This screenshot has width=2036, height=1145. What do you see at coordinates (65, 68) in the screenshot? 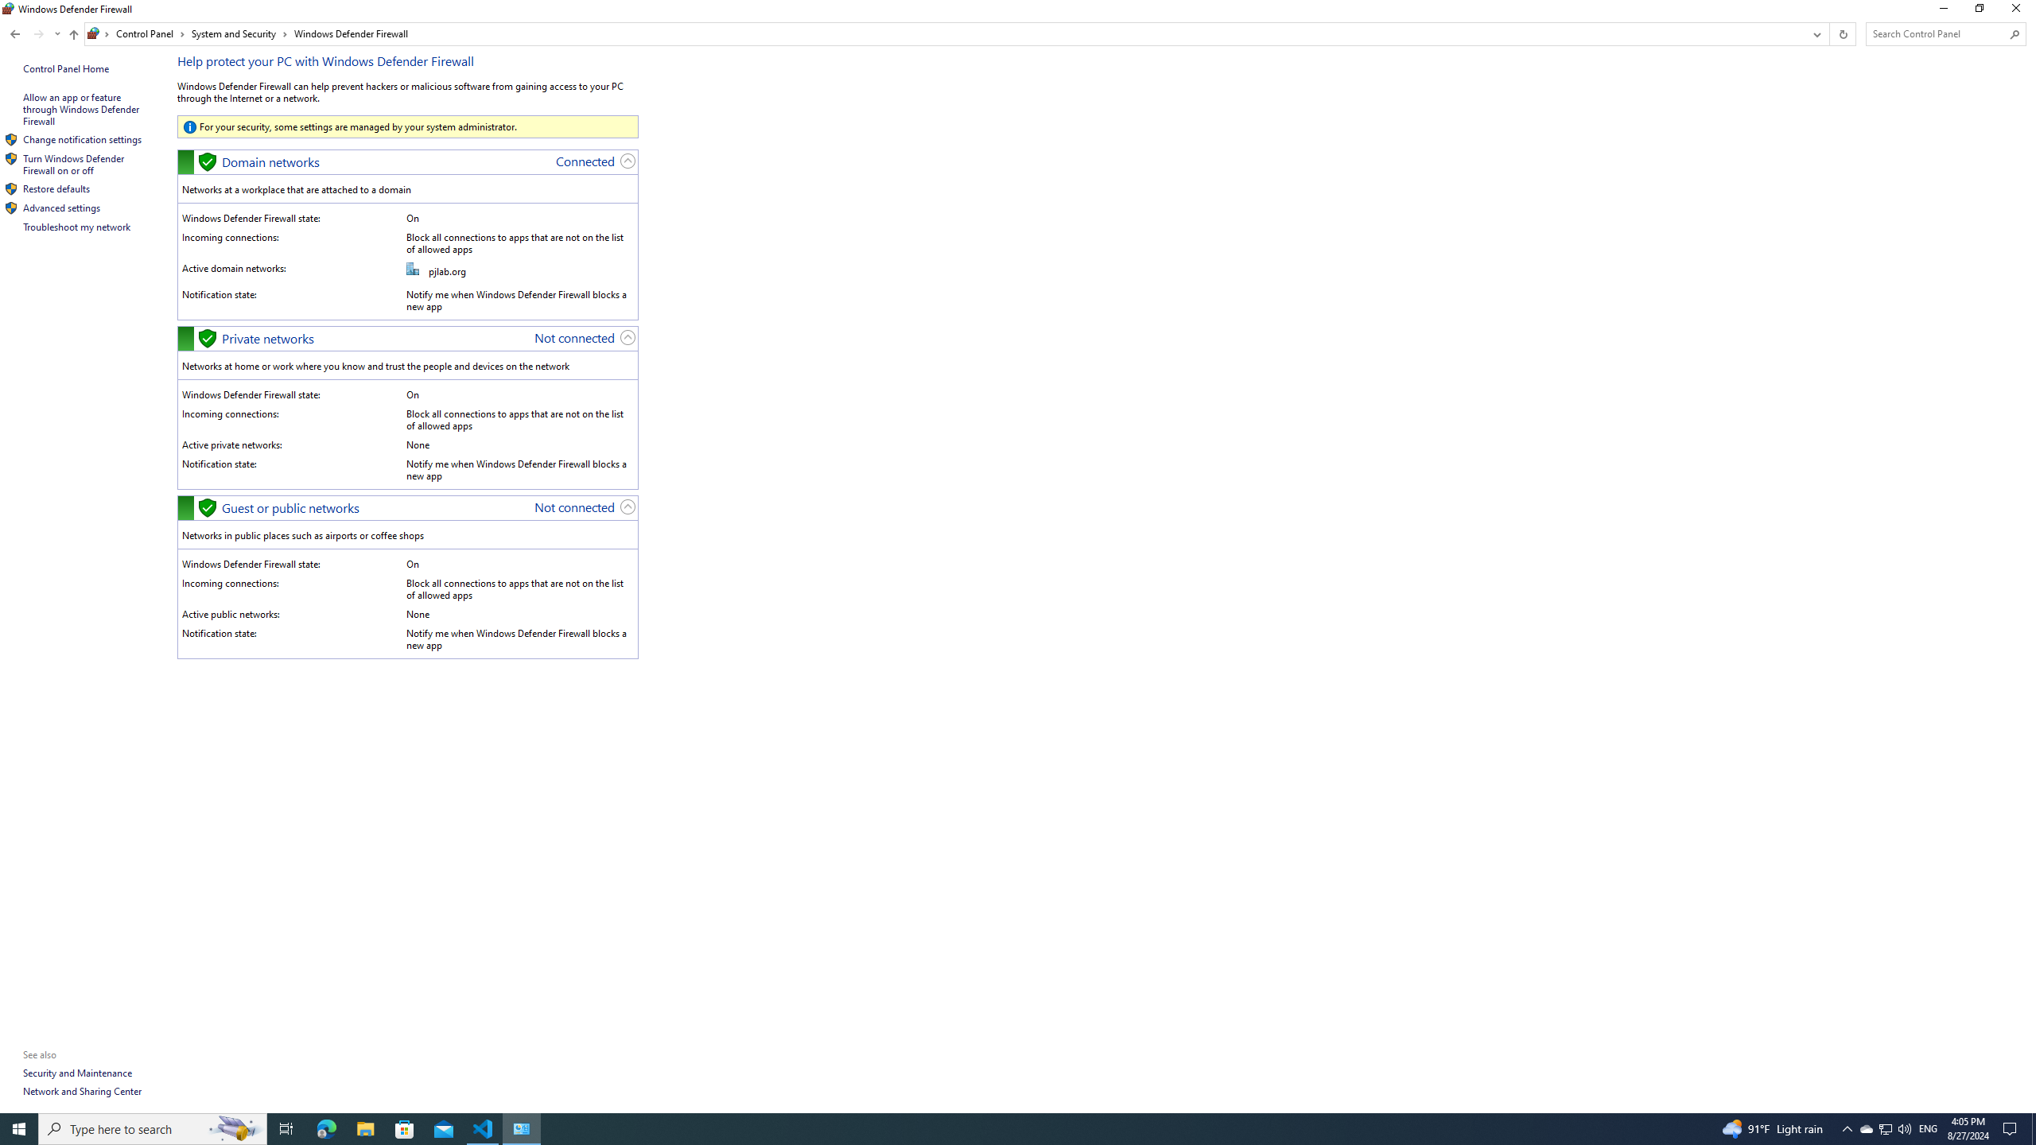
I see `'Control Panel Home'` at bounding box center [65, 68].